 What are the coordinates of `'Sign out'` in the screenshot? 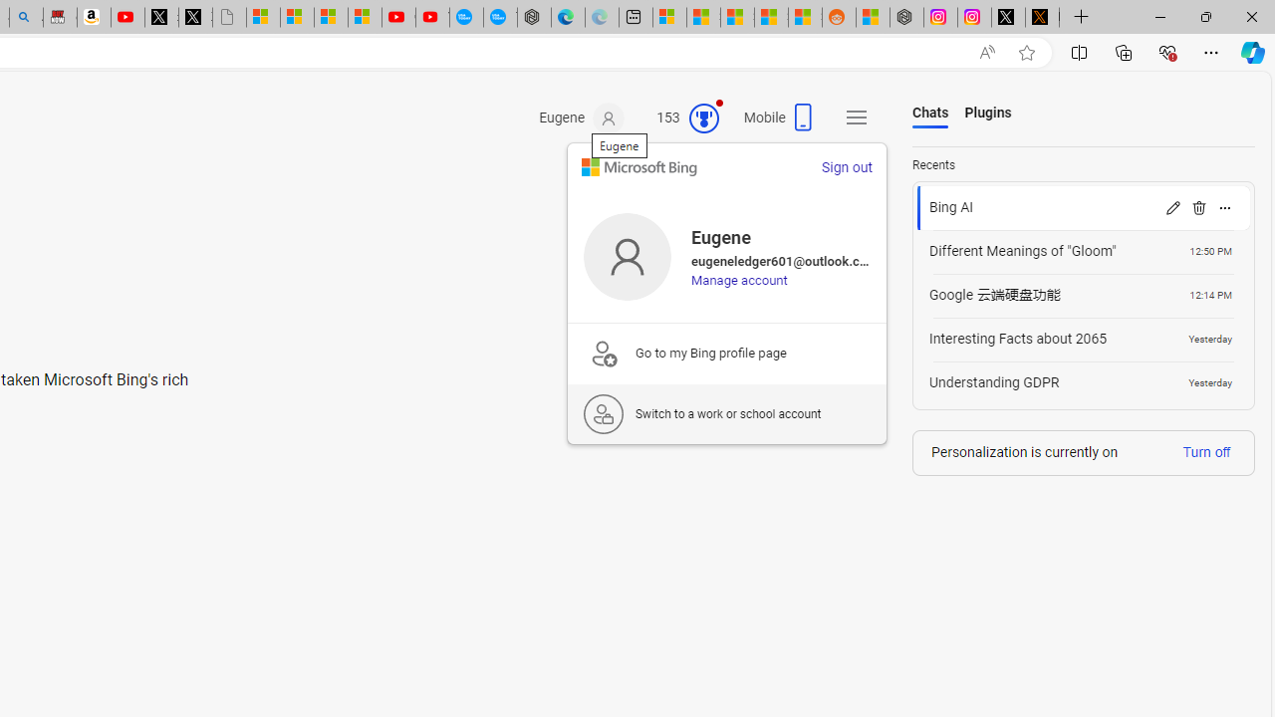 It's located at (846, 166).